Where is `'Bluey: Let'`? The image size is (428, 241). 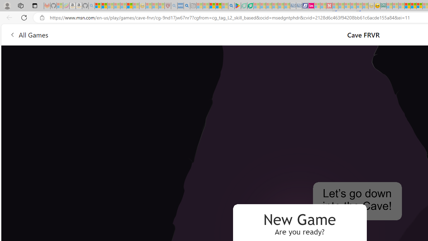
'Bluey: Let' is located at coordinates (238, 6).